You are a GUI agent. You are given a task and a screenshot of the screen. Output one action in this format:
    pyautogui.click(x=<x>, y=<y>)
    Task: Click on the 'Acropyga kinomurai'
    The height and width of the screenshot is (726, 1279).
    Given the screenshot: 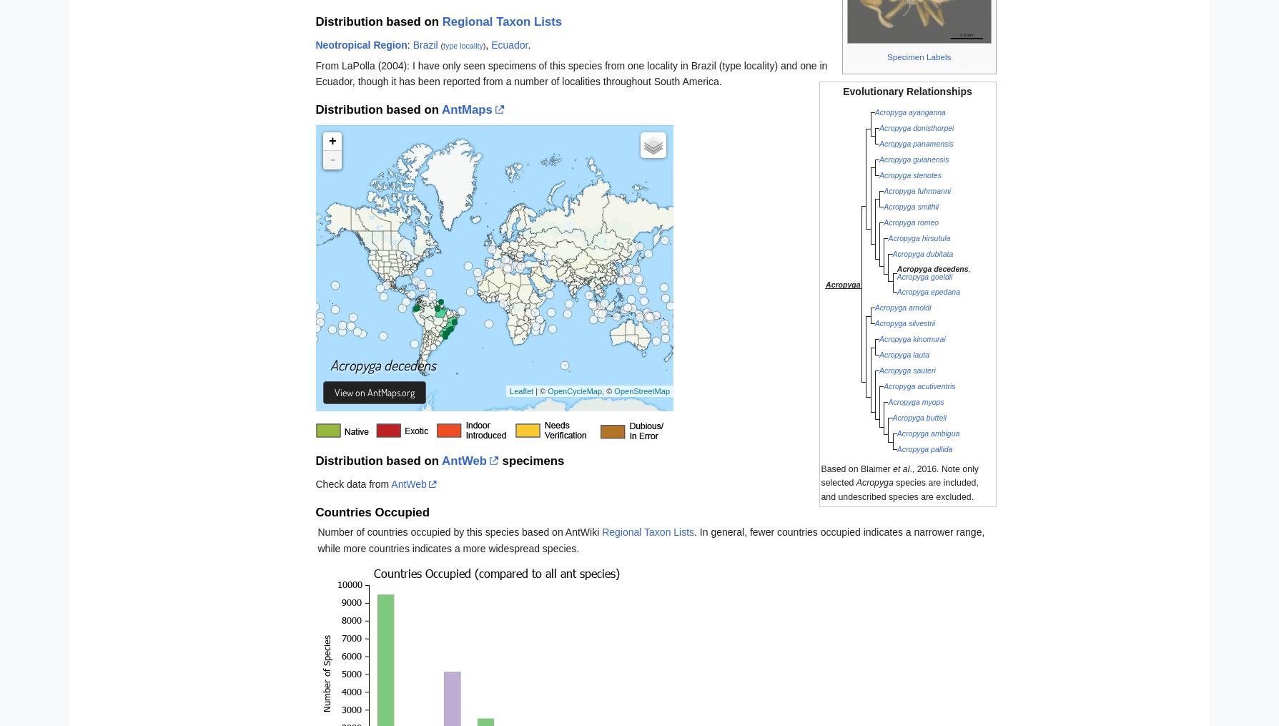 What is the action you would take?
    pyautogui.click(x=912, y=338)
    